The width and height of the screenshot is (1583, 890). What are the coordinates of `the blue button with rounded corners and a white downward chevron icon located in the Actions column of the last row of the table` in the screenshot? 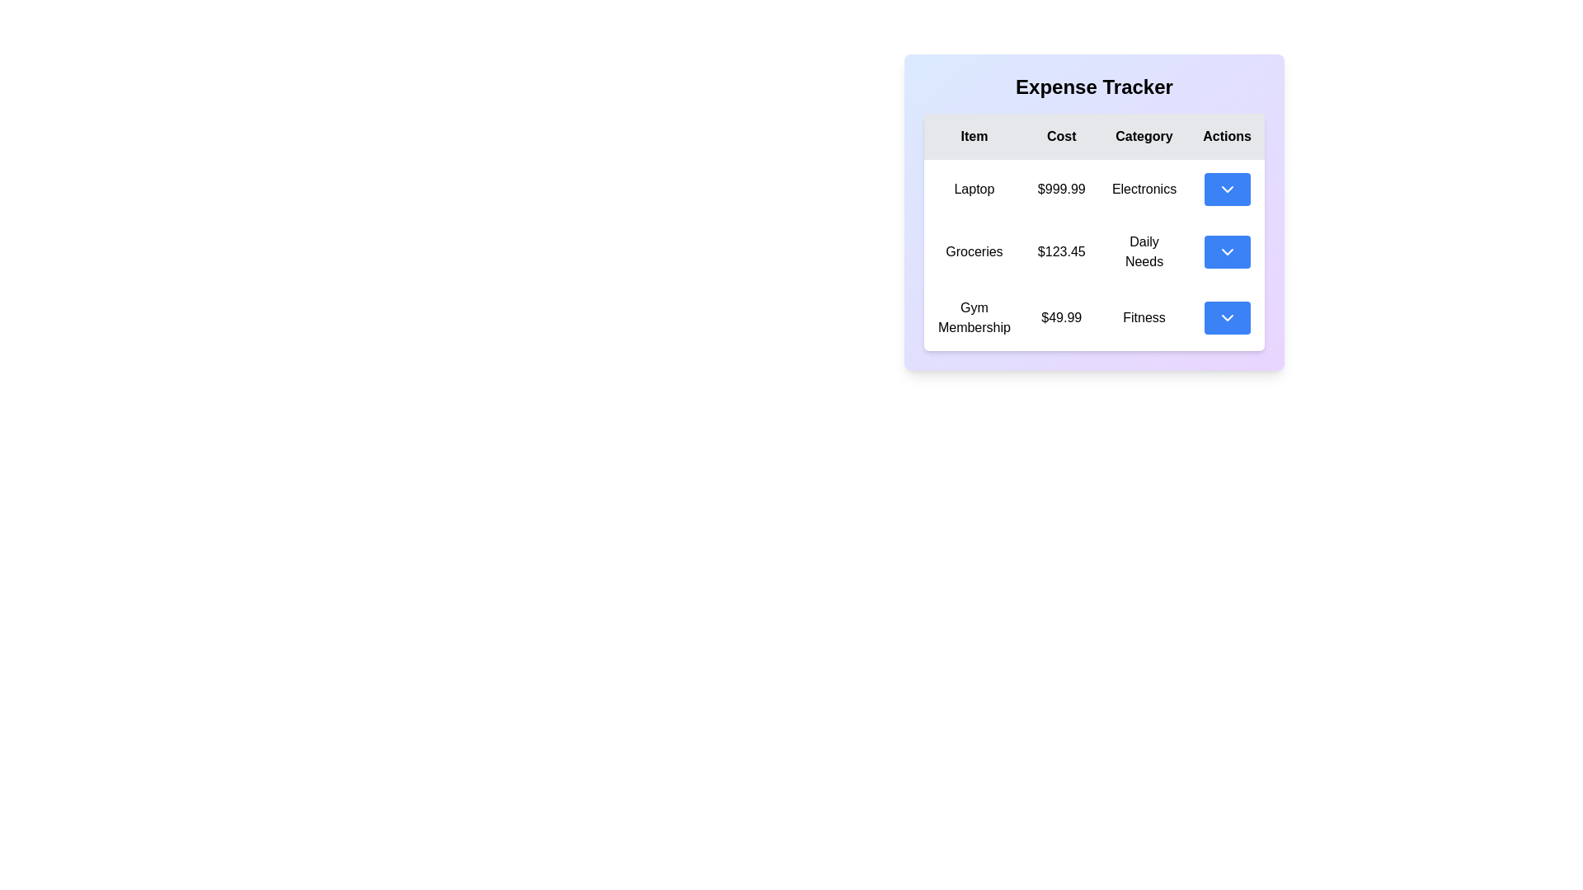 It's located at (1227, 317).